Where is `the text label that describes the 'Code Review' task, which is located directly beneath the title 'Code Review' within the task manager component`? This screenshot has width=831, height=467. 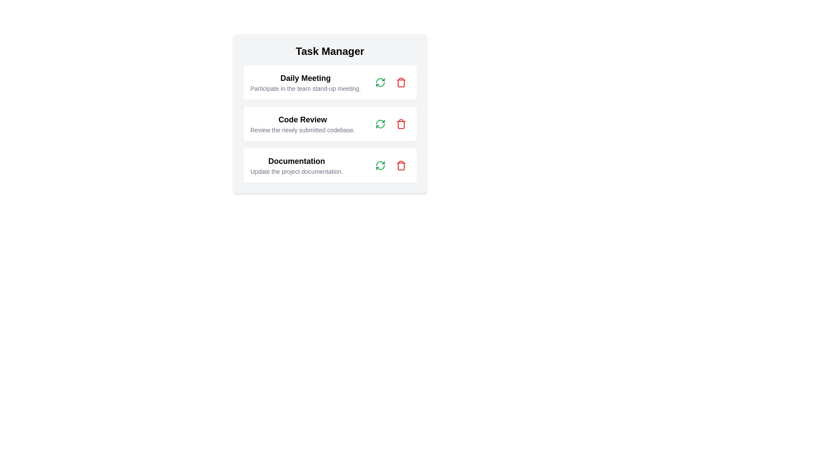
the text label that describes the 'Code Review' task, which is located directly beneath the title 'Code Review' within the task manager component is located at coordinates (303, 130).